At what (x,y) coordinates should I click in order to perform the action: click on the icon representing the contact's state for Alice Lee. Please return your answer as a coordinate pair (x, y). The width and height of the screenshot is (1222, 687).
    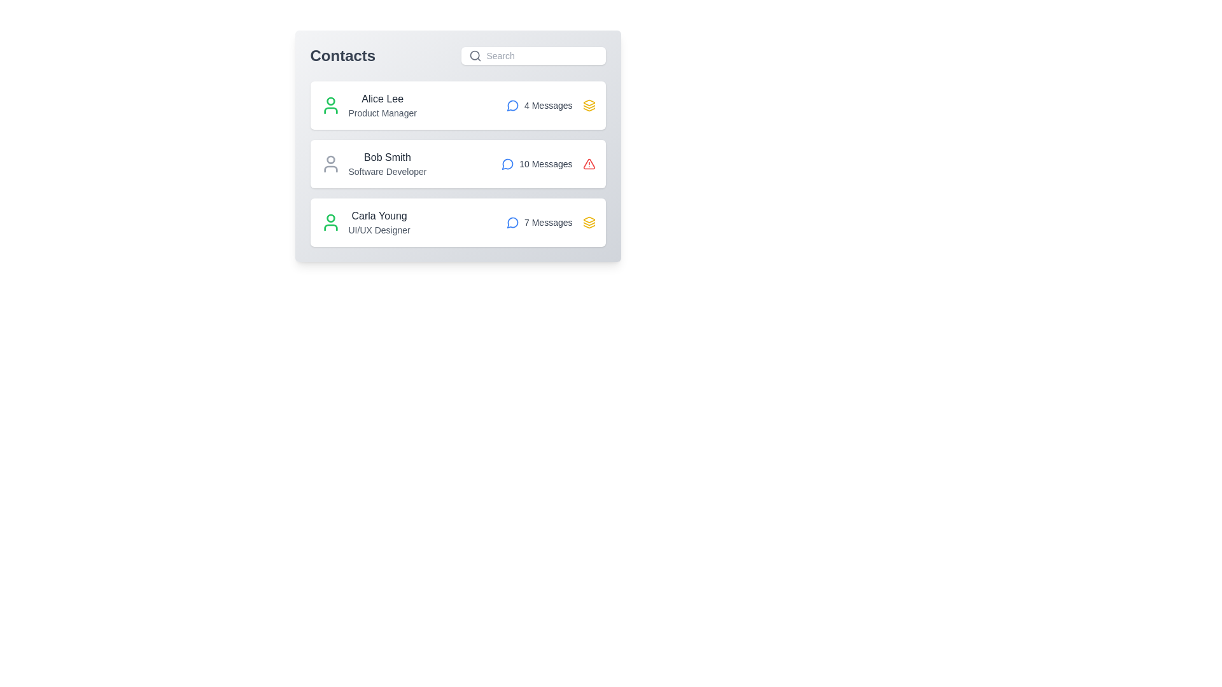
    Looking at the image, I should click on (588, 104).